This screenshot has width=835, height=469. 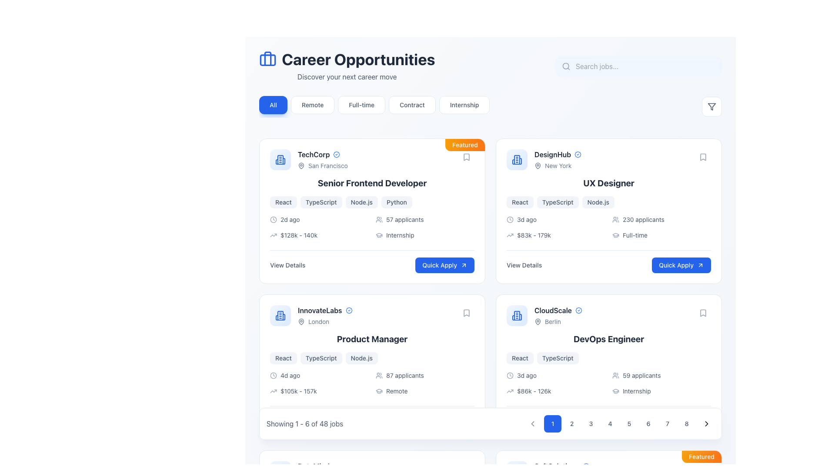 What do you see at coordinates (558, 315) in the screenshot?
I see `the Label displaying 'CloudScale' and 'Berlin' with the check badge icon and map pin icon, positioned in the bottom-right quarter of the visible grid structure` at bounding box center [558, 315].